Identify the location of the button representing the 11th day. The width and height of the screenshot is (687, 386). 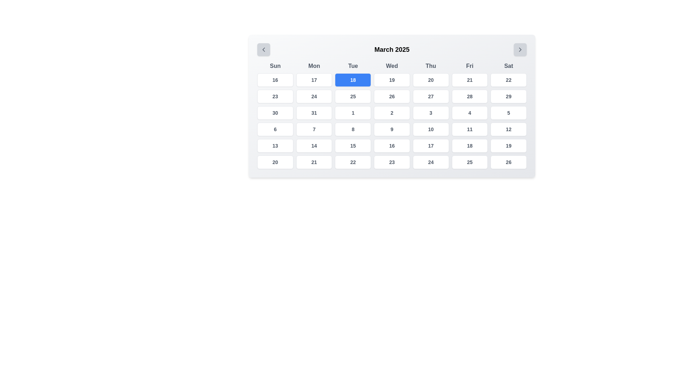
(469, 129).